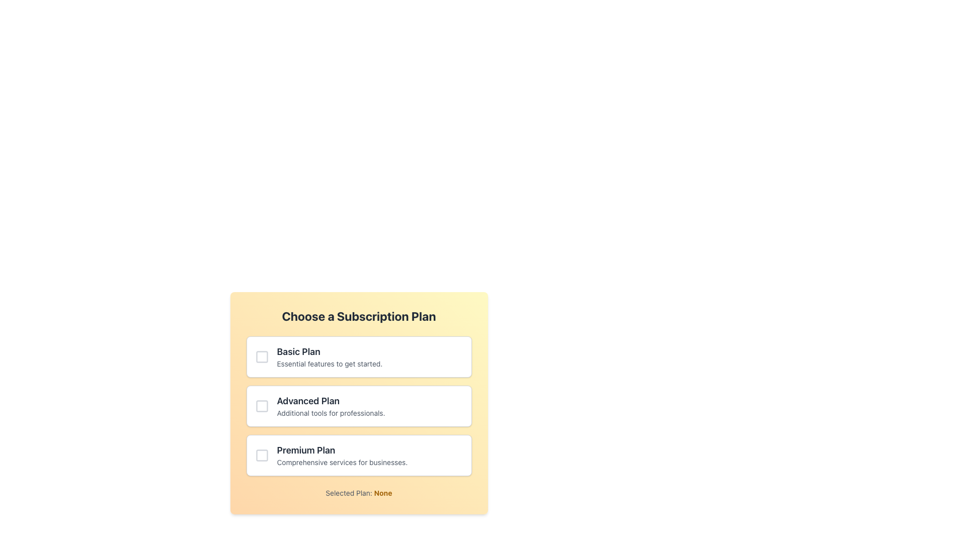 The image size is (966, 543). Describe the element at coordinates (262, 405) in the screenshot. I see `the checkbox containing the minimalist icon styled as a square with rounded corners` at that location.